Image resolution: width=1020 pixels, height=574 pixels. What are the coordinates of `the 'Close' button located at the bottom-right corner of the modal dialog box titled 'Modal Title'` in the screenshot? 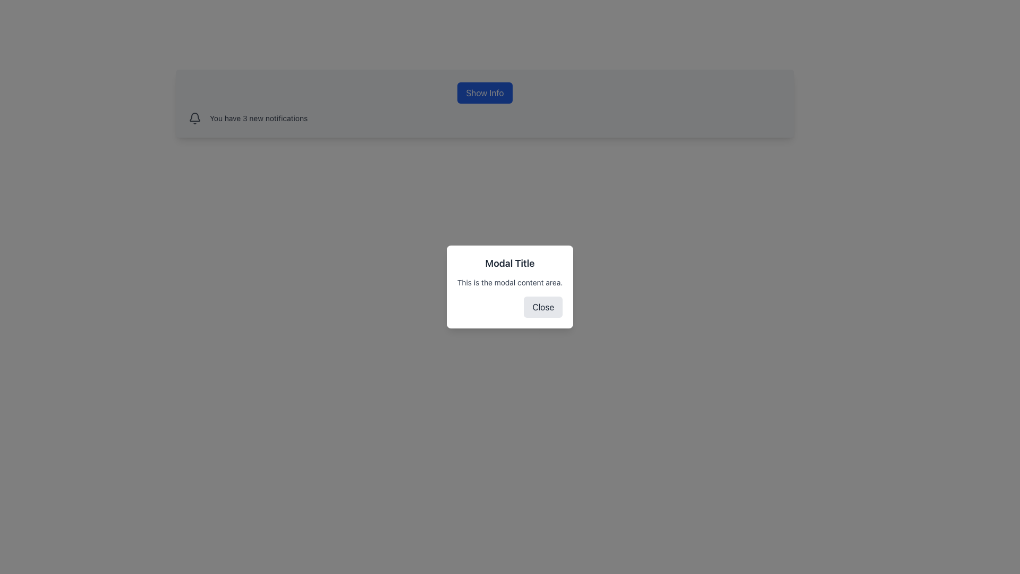 It's located at (543, 307).